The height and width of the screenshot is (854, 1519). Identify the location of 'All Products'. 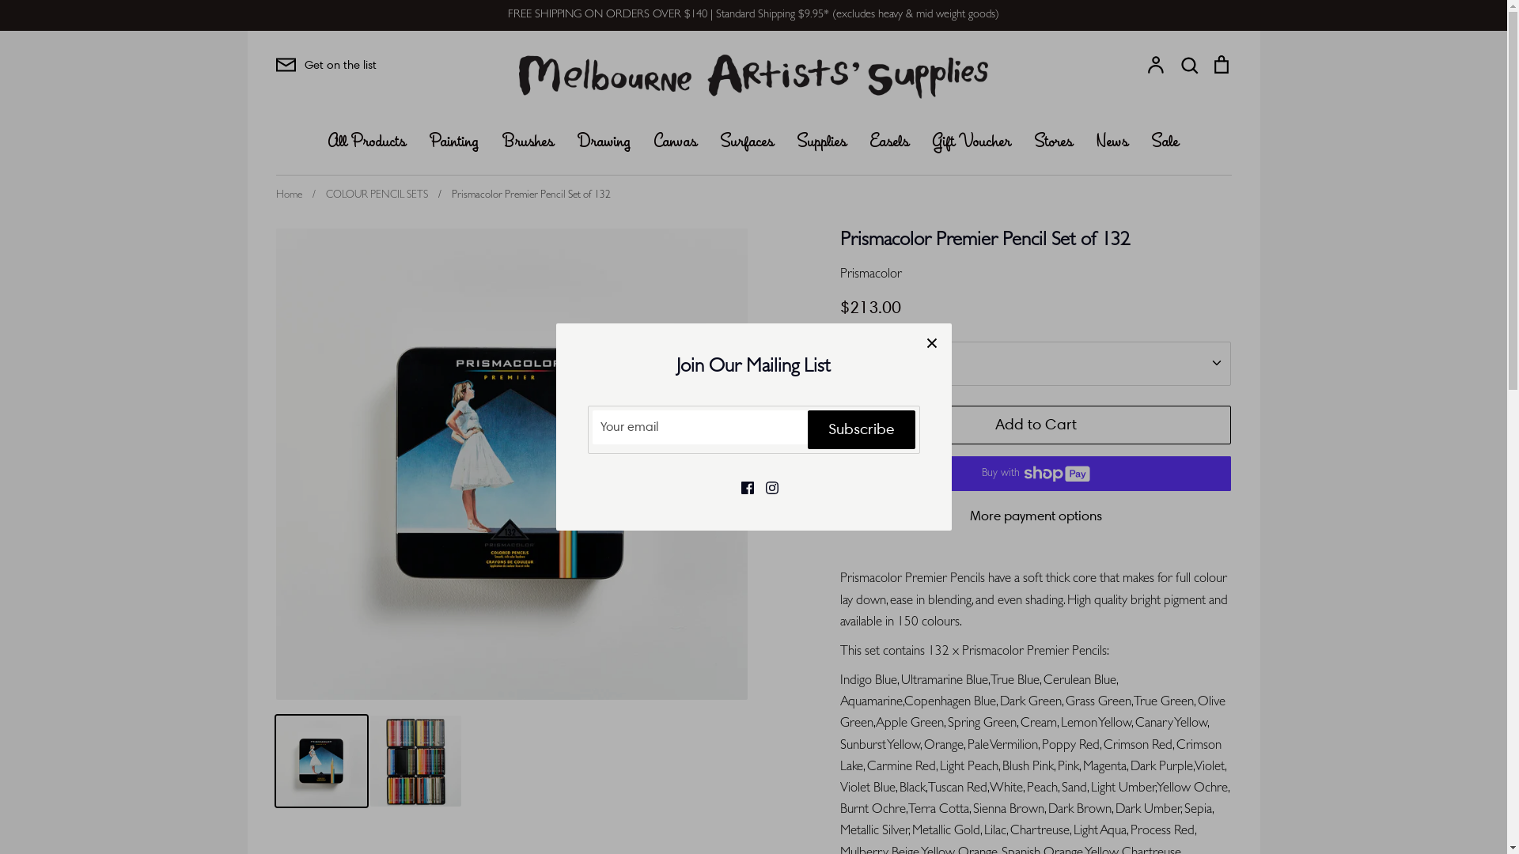
(366, 142).